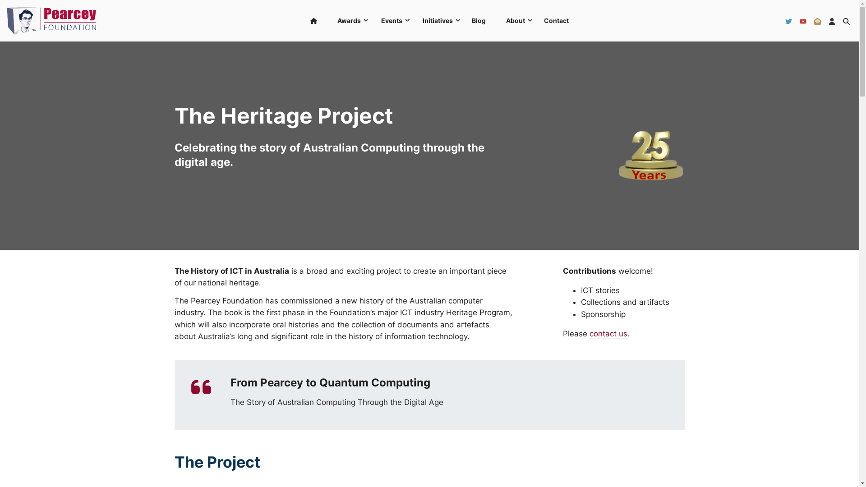  I want to click on 'Contact', so click(556, 20).